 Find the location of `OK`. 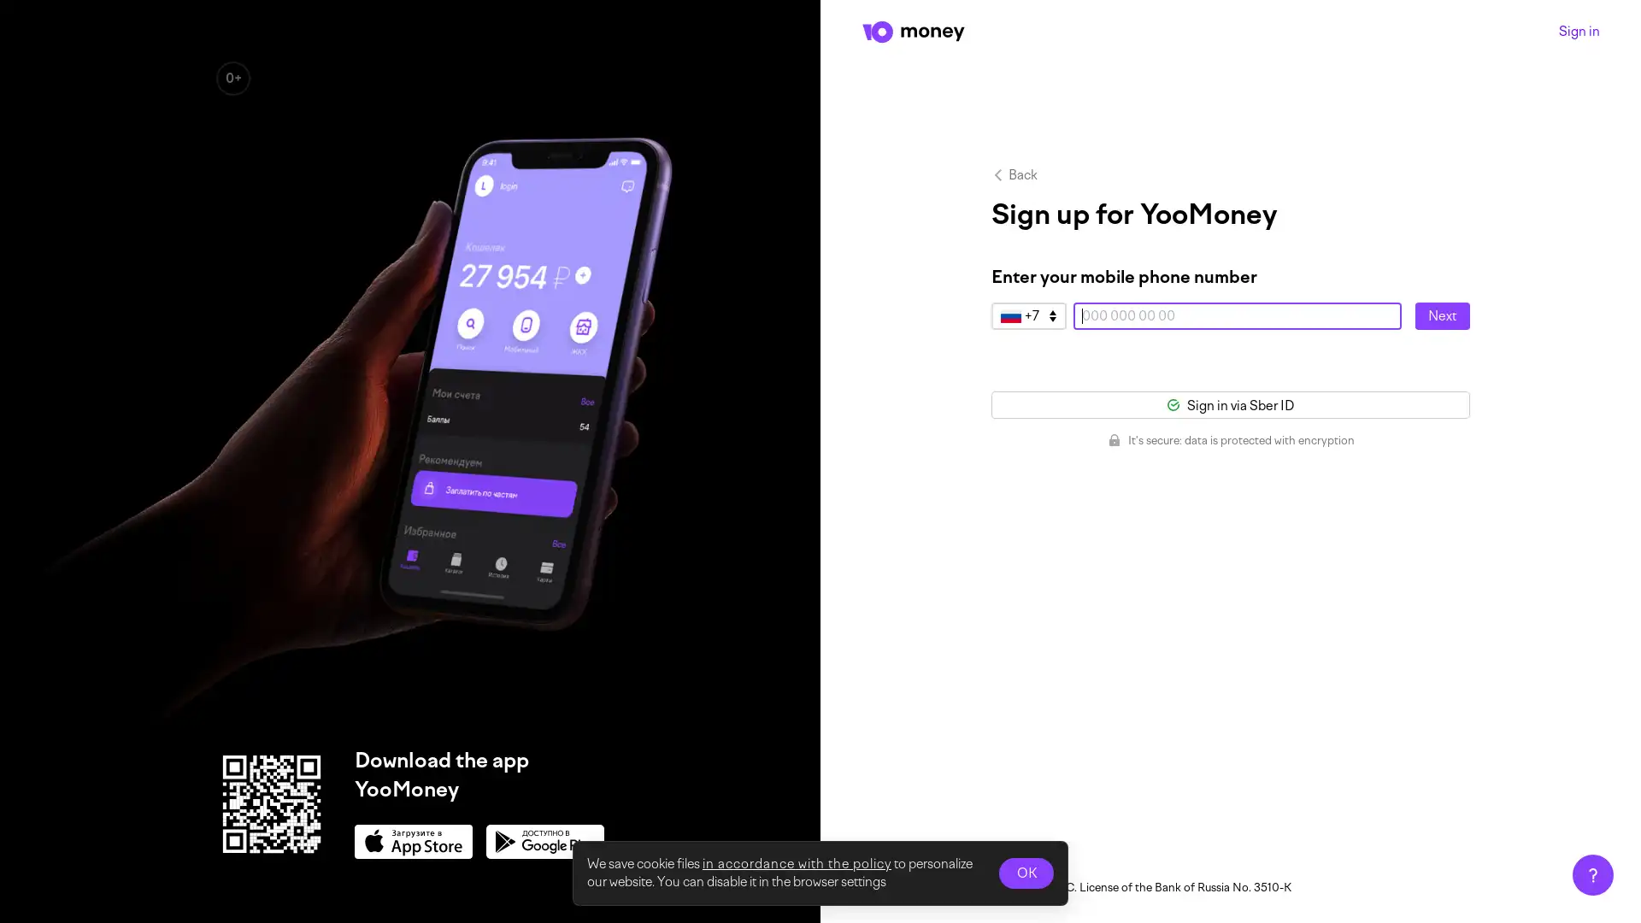

OK is located at coordinates (1026, 873).